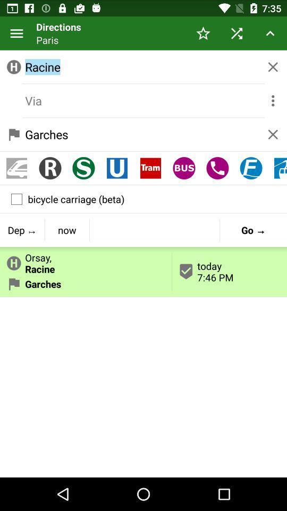  I want to click on the item to the right of orsay,, so click(252, 230).